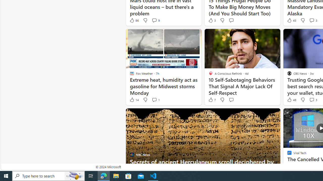 This screenshot has width=323, height=181. Describe the element at coordinates (291, 20) in the screenshot. I see `'43 Like'` at that location.